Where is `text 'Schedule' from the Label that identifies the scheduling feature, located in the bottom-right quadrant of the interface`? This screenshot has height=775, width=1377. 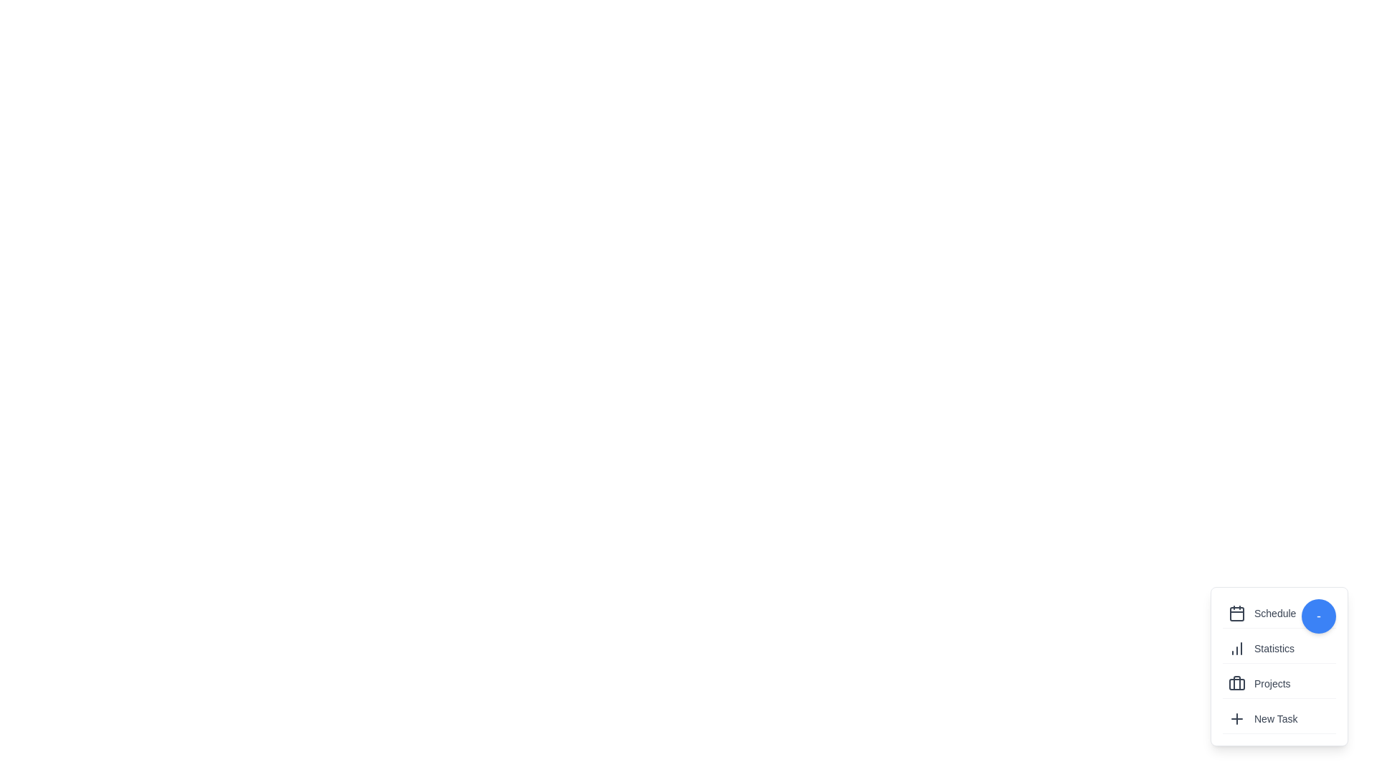 text 'Schedule' from the Label that identifies the scheduling feature, located in the bottom-right quadrant of the interface is located at coordinates (1275, 614).